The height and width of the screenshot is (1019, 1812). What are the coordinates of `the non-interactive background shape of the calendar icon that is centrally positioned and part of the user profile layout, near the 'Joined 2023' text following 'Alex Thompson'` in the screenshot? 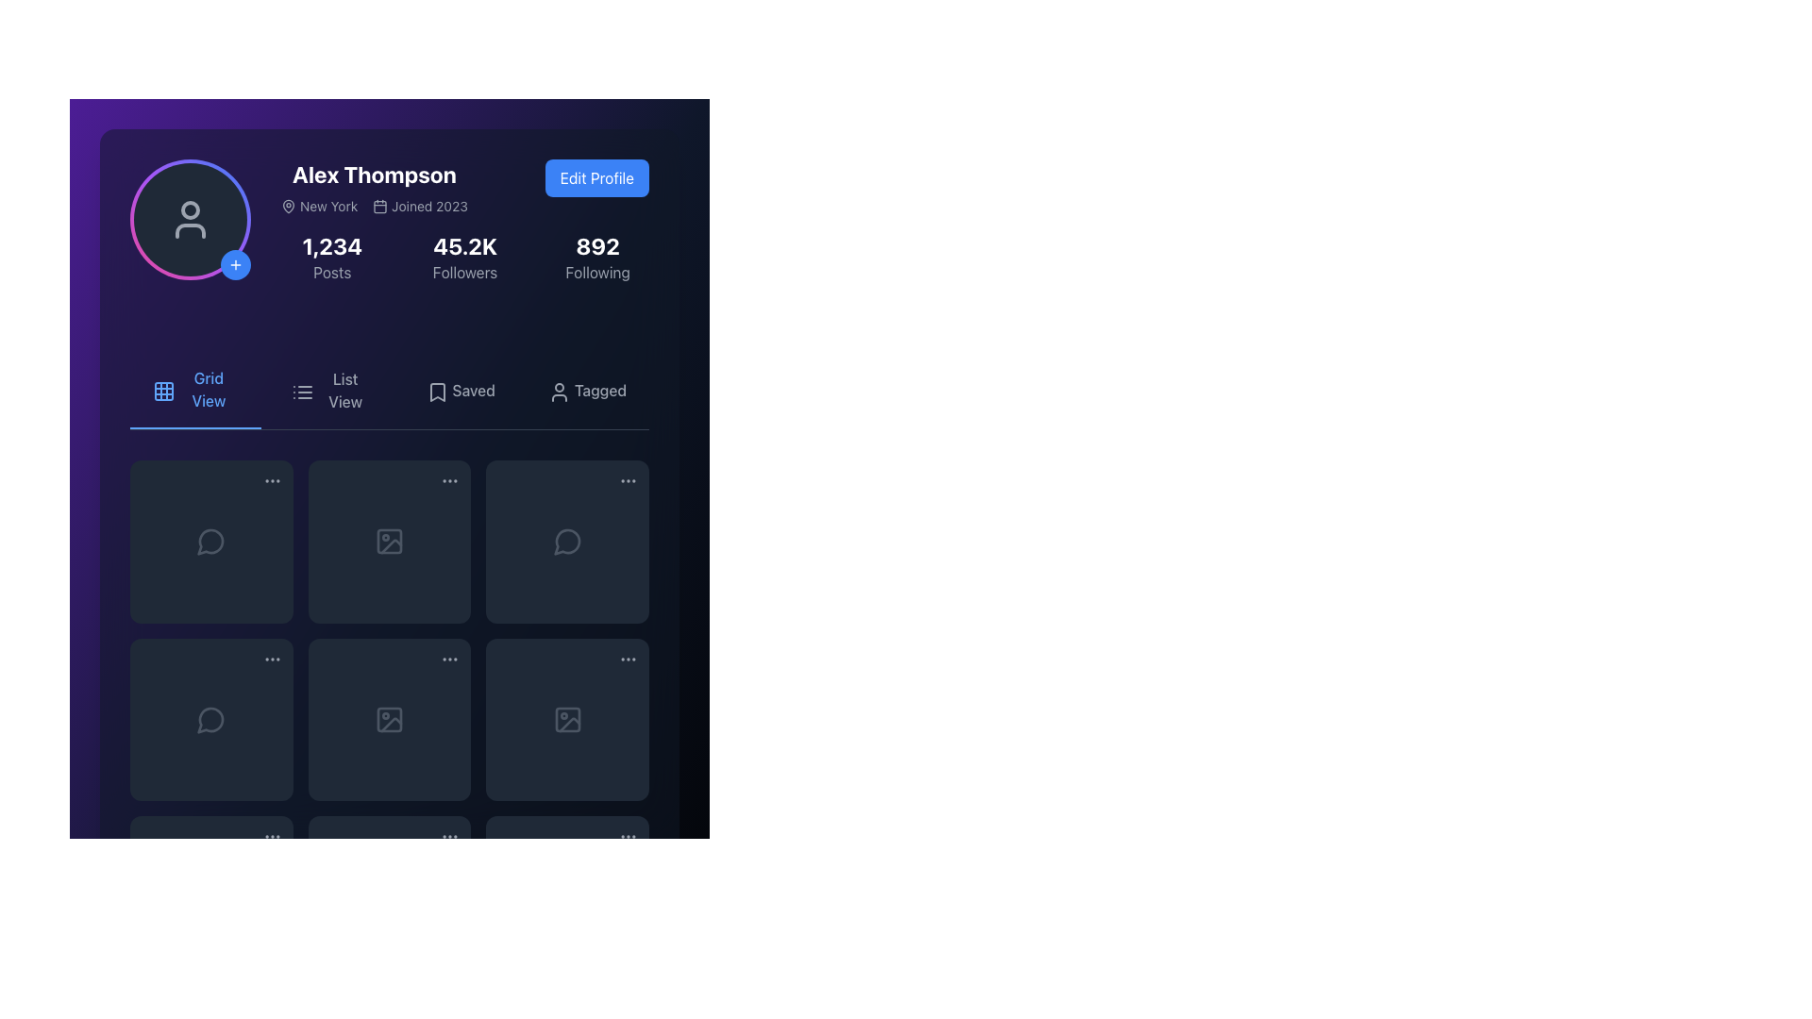 It's located at (379, 207).